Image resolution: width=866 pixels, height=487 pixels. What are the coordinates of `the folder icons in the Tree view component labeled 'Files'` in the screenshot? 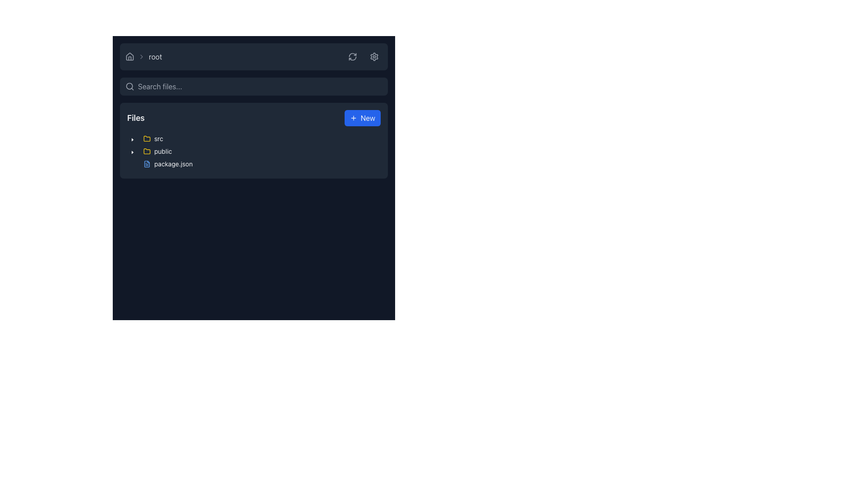 It's located at (253, 152).